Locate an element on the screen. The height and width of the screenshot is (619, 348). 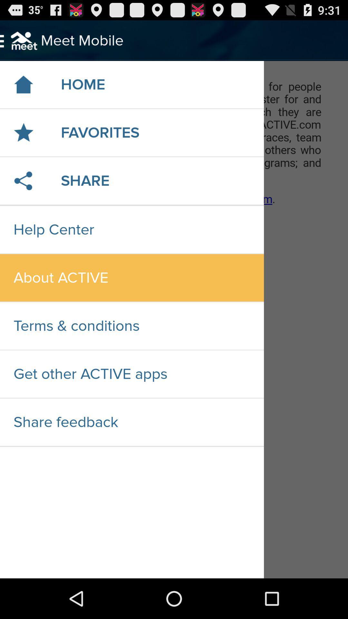
the help center icon is located at coordinates (131, 230).